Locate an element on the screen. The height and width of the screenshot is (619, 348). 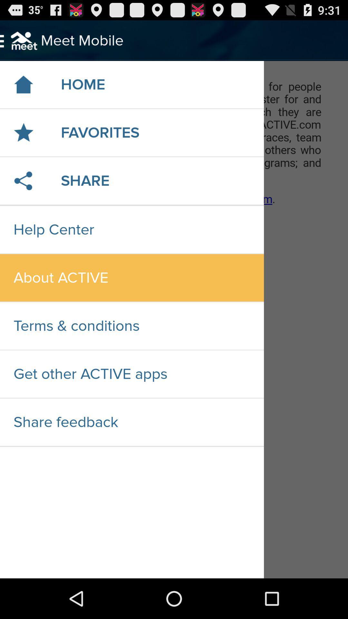
the help center icon is located at coordinates (131, 230).